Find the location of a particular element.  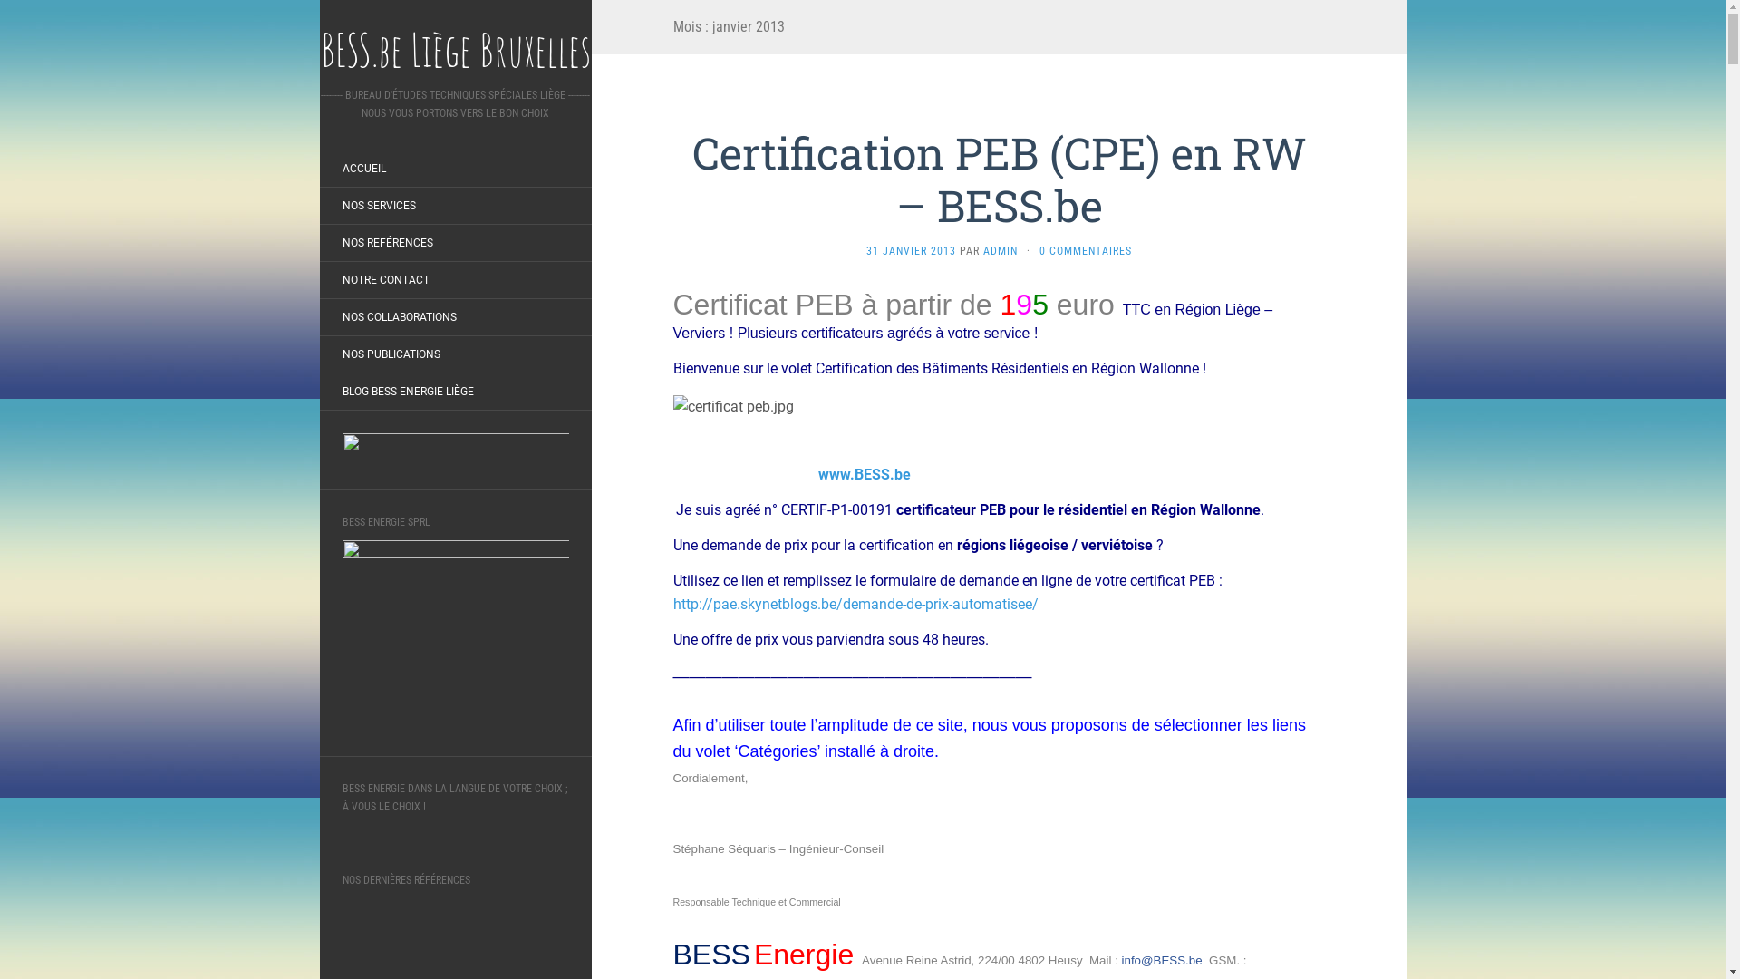

'http://pae.skynetblogs.be/demande-de-prix-automatisee/' is located at coordinates (854, 604).